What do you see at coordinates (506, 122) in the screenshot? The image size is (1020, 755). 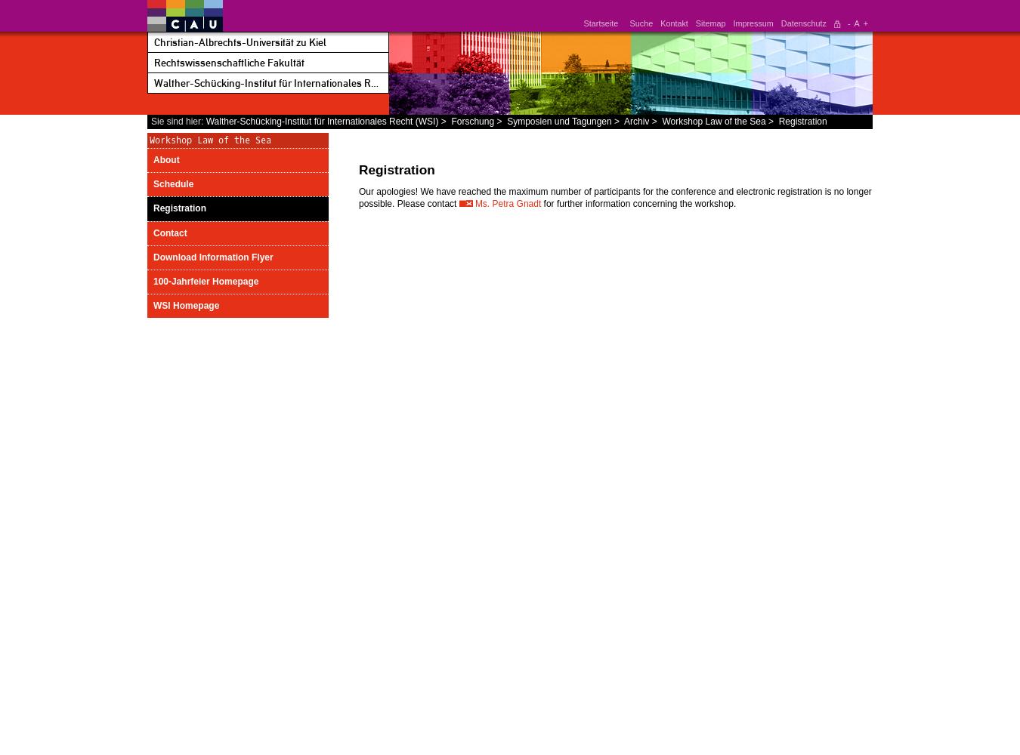 I see `'Symposien und Tagungen'` at bounding box center [506, 122].